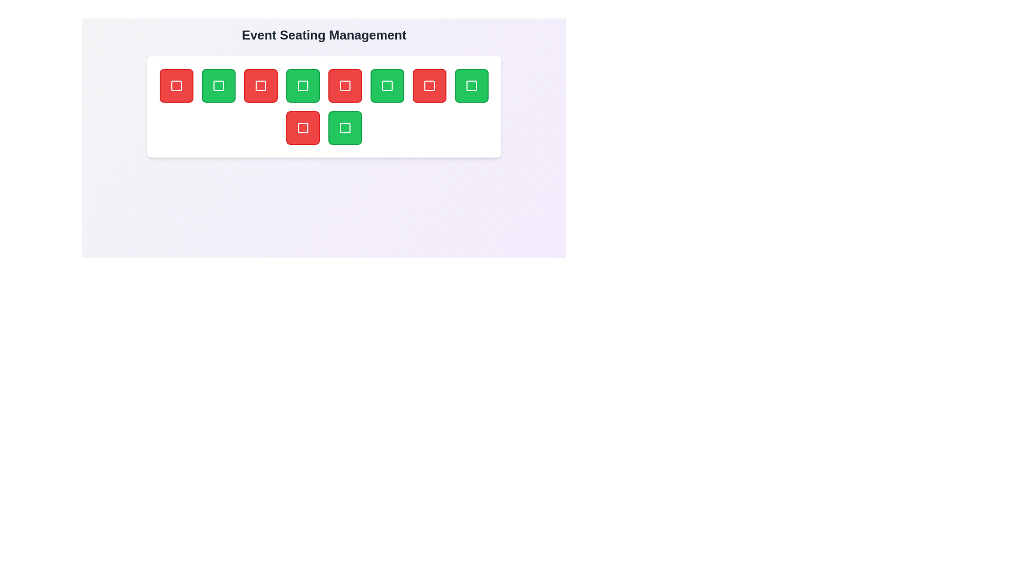 The height and width of the screenshot is (569, 1012). Describe the element at coordinates (260, 85) in the screenshot. I see `the SVG icon representing 'Seat 3' in the seating management component` at that location.